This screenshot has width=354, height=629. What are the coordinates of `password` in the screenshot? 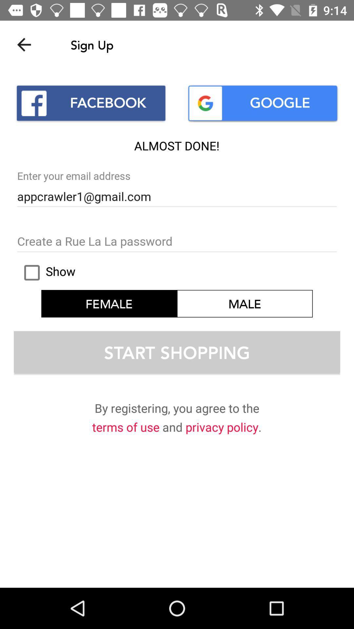 It's located at (177, 241).